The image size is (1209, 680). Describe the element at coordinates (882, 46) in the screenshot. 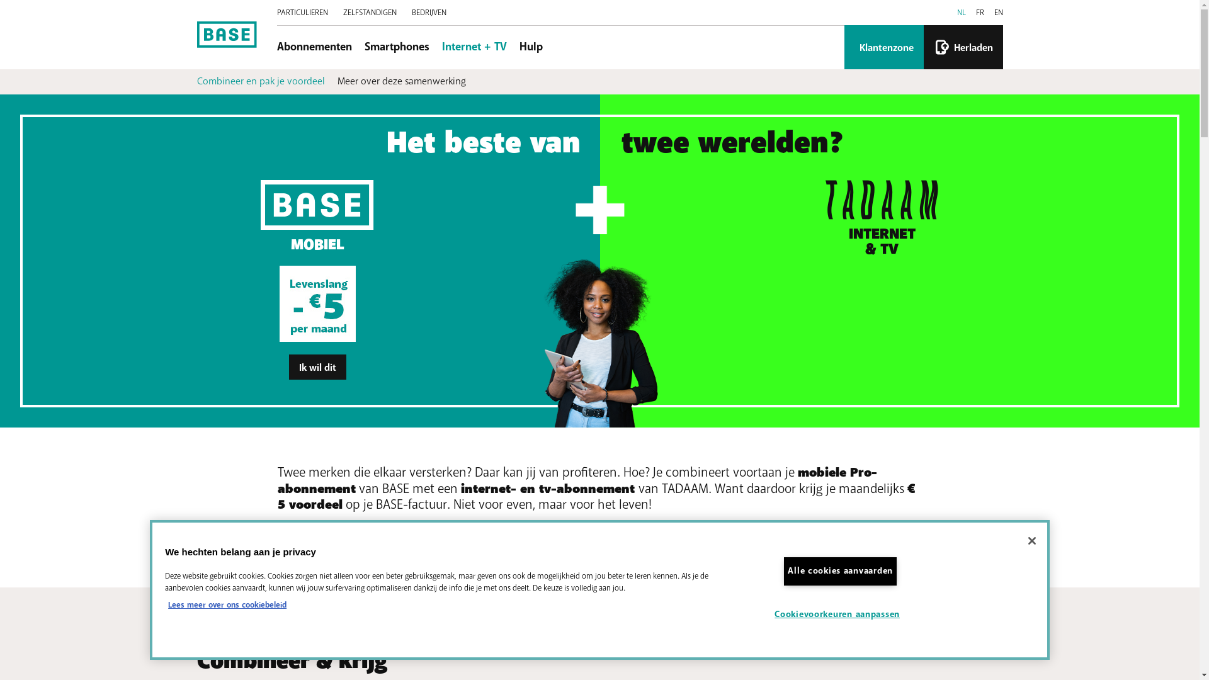

I see `'Klantenzone'` at that location.